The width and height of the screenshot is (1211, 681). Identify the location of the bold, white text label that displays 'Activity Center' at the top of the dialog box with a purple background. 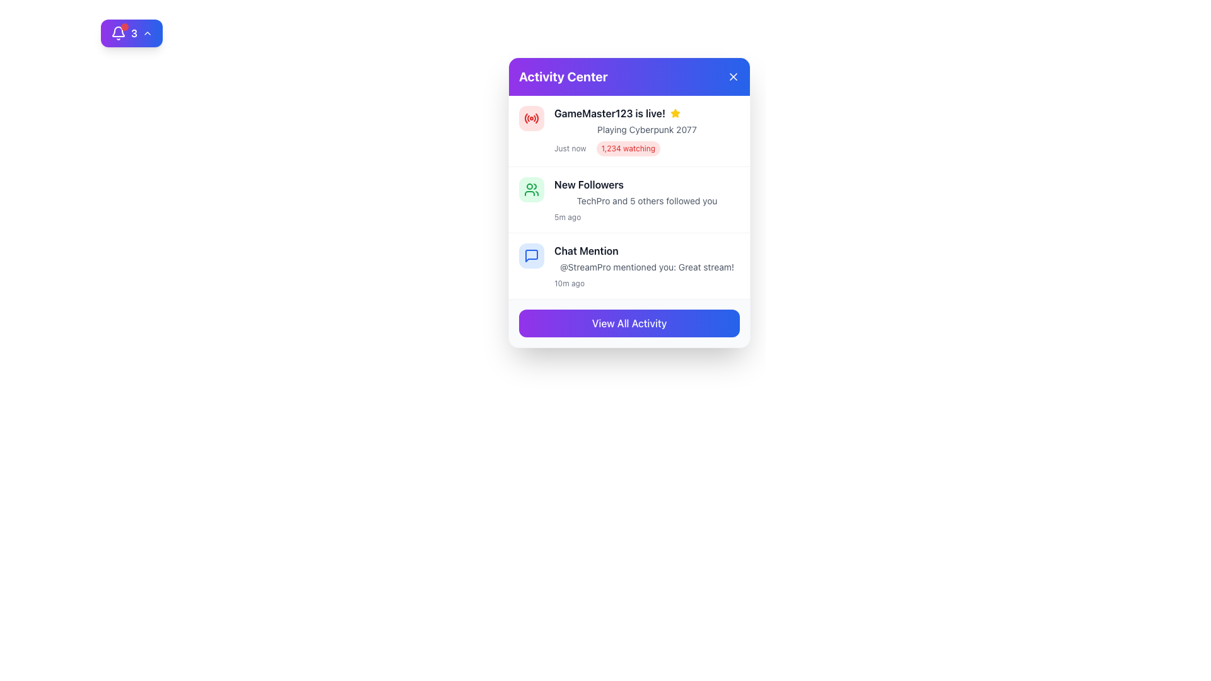
(563, 77).